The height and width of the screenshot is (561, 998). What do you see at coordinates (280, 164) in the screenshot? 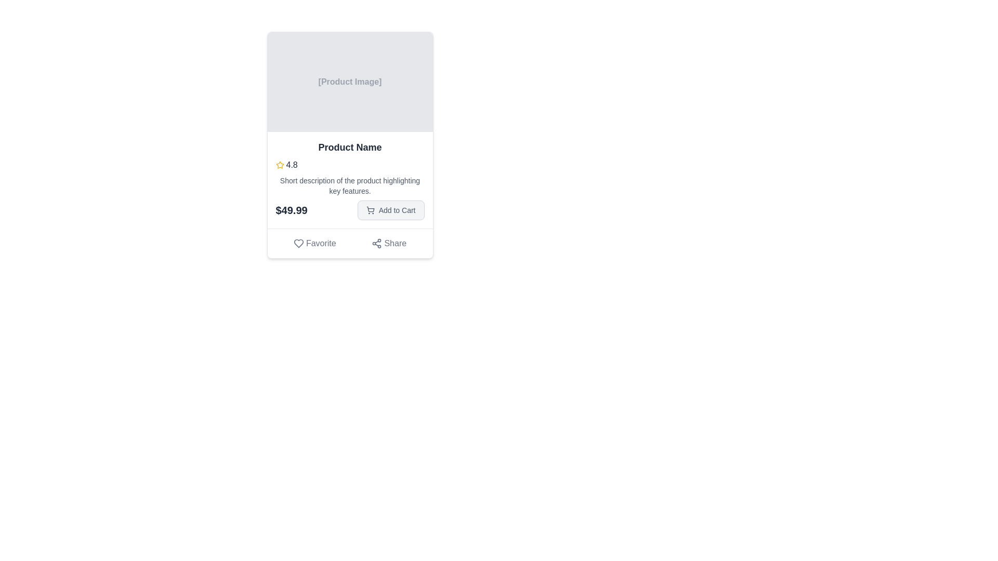
I see `the yellow star-shaped rating icon located to the left of the rating text '4.8' in the card layout` at bounding box center [280, 164].